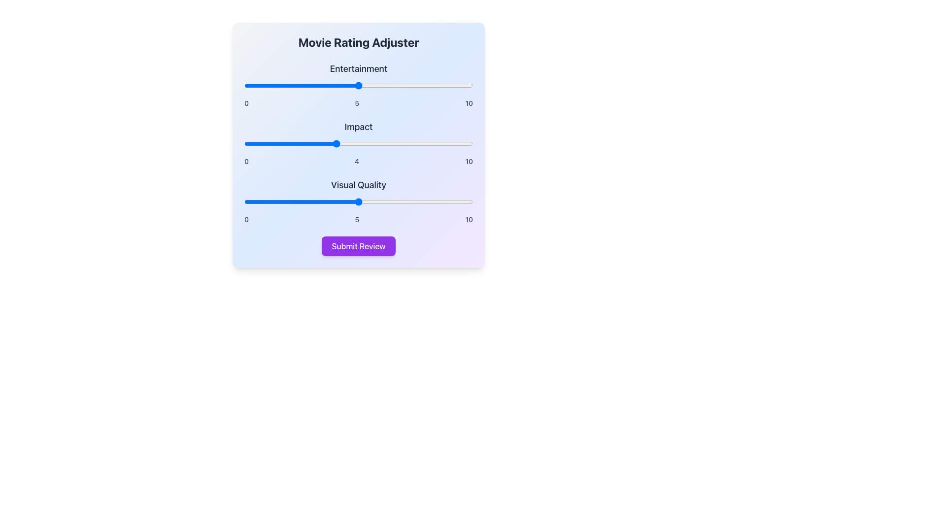 The height and width of the screenshot is (532, 946). What do you see at coordinates (469, 103) in the screenshot?
I see `the static text label displaying the number '10', which is aligned to the far-right of the 'Entertainment' slider` at bounding box center [469, 103].